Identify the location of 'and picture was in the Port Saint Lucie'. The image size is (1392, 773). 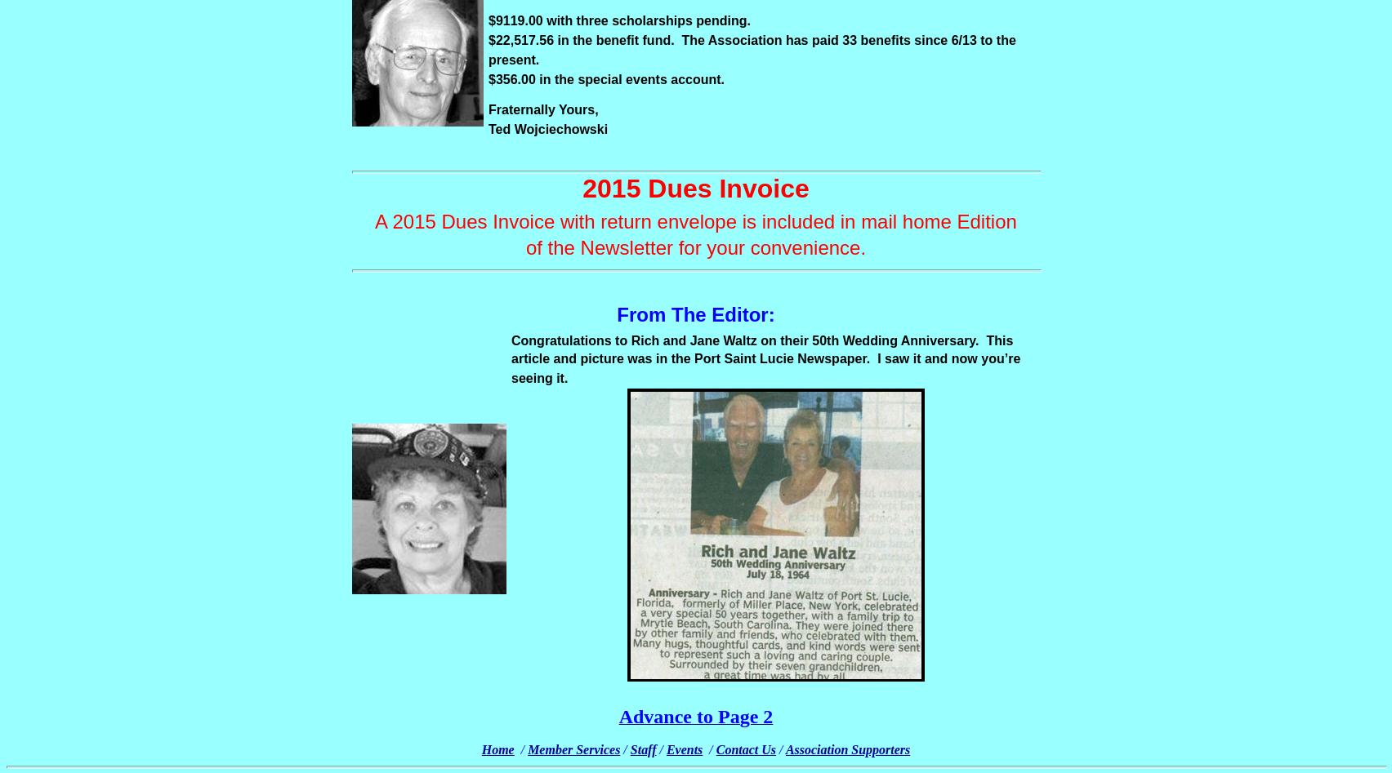
(551, 358).